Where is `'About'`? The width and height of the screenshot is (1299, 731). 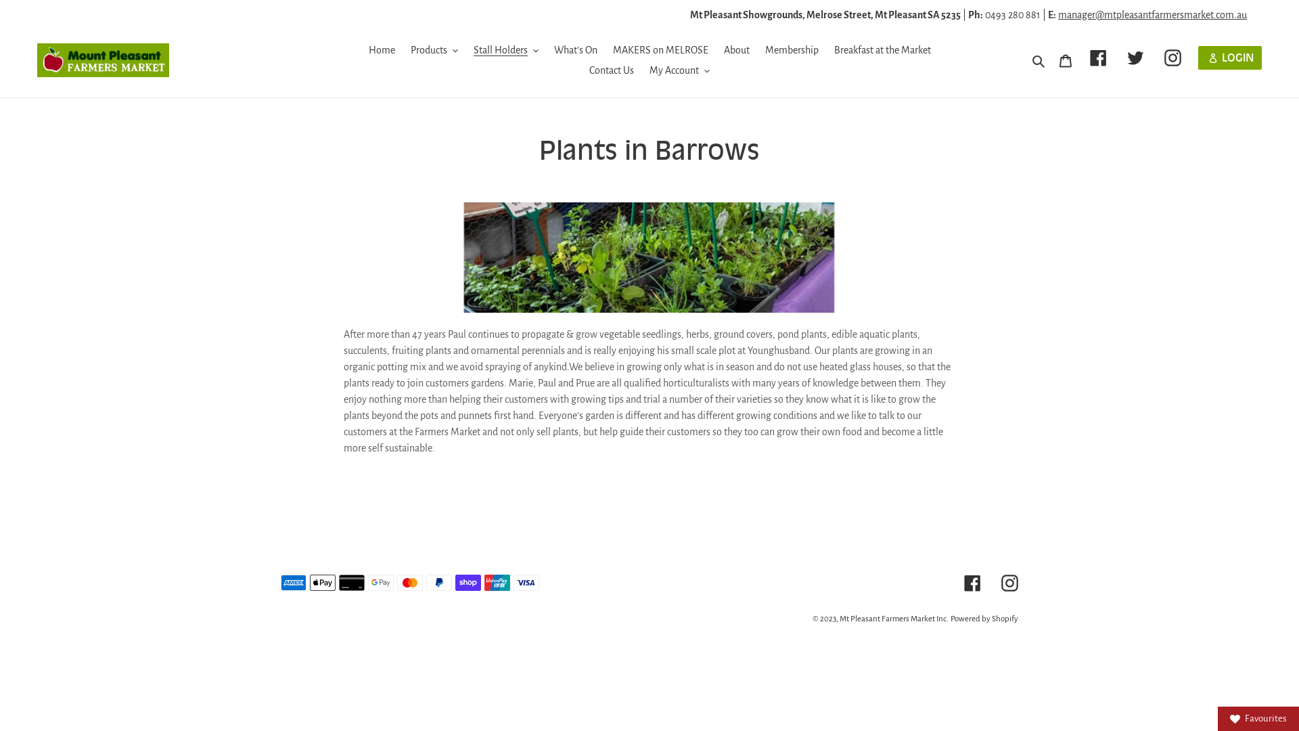
'About' is located at coordinates (736, 49).